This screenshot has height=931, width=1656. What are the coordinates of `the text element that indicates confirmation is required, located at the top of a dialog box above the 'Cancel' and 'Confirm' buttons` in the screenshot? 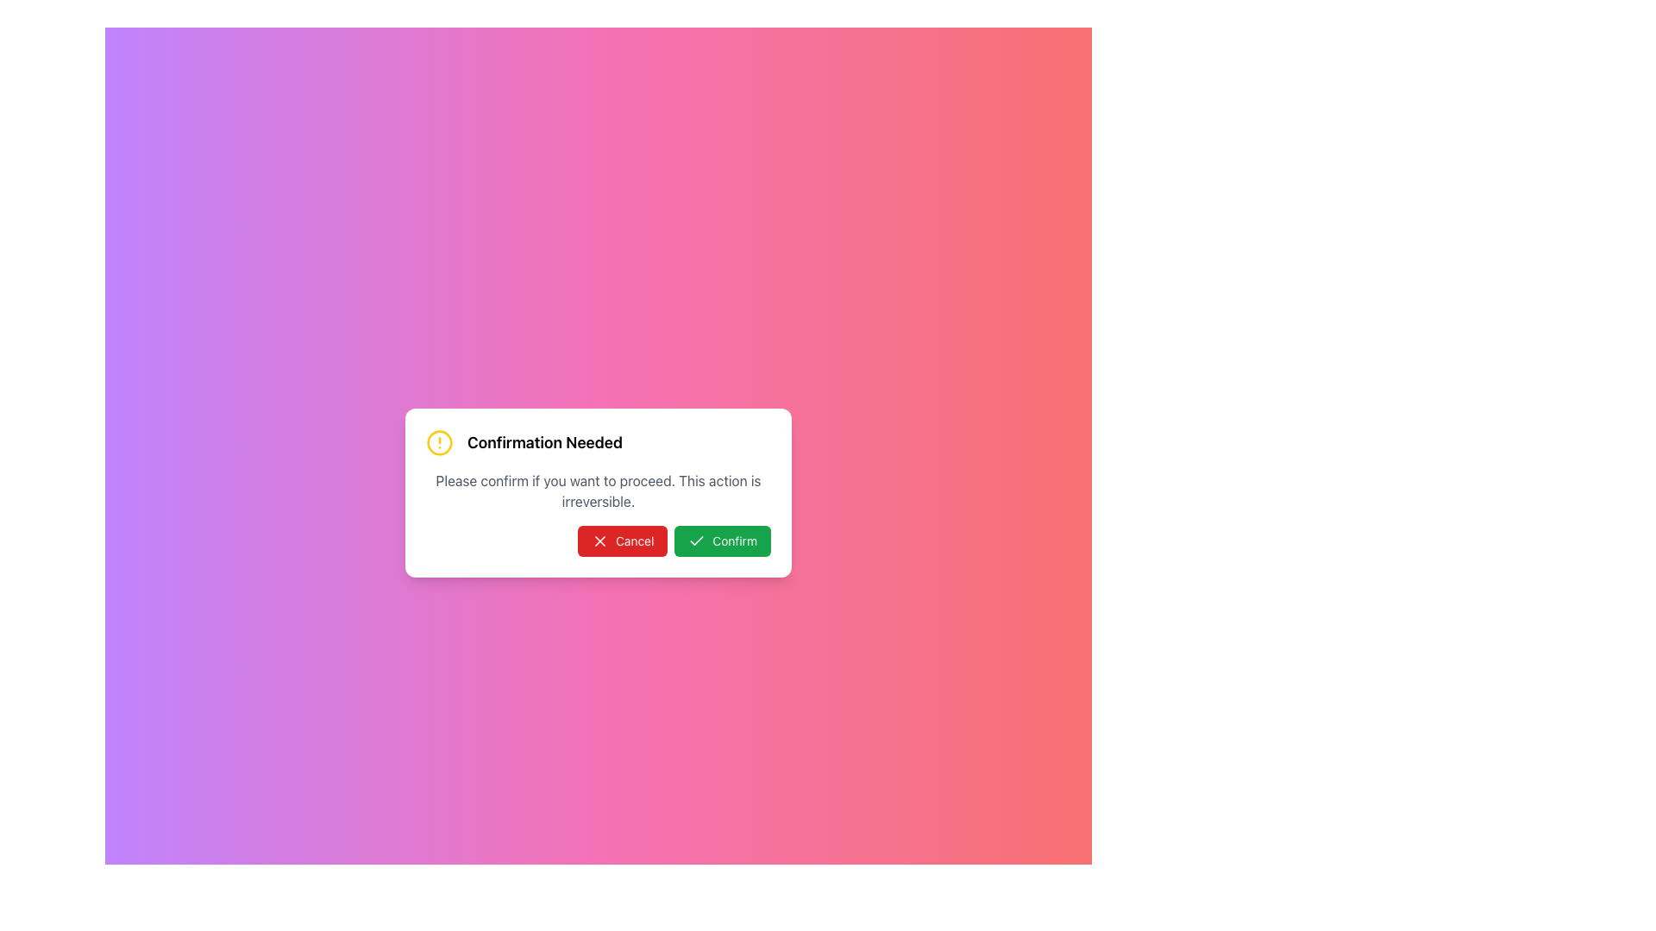 It's located at (599, 441).